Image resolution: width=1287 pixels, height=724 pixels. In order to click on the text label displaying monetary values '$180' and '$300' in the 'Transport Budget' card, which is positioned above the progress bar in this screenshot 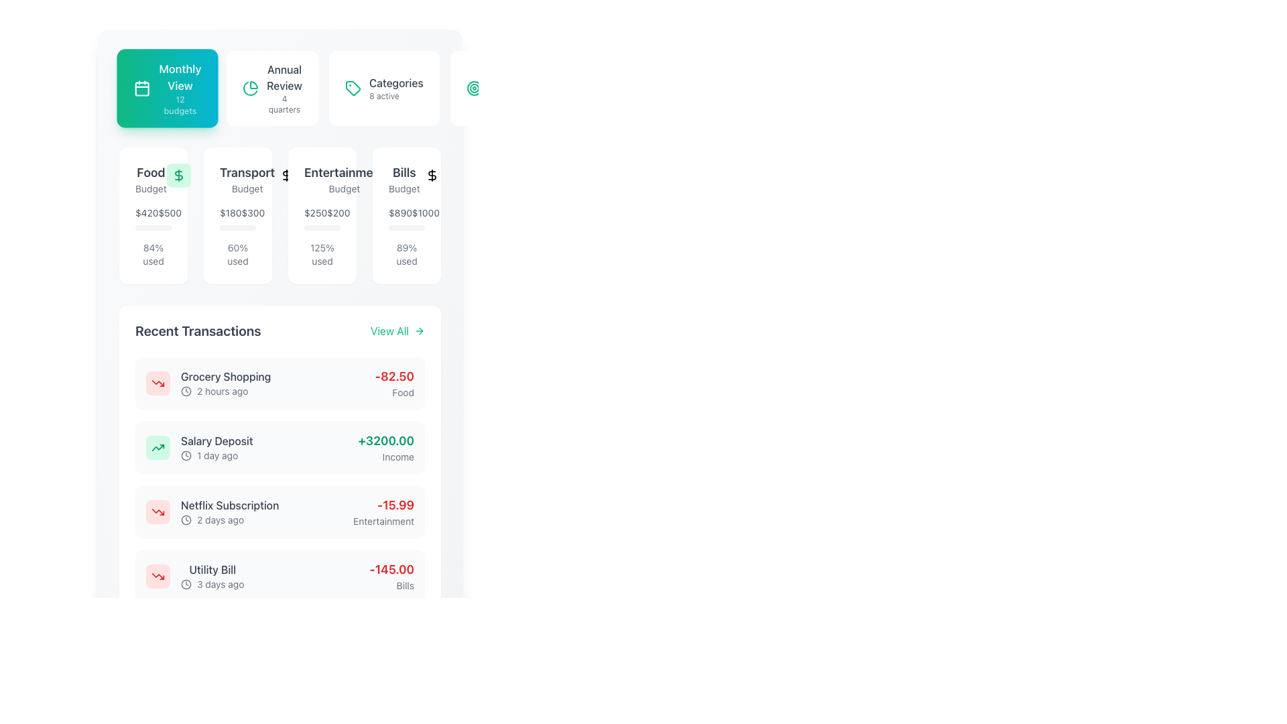, I will do `click(238, 218)`.